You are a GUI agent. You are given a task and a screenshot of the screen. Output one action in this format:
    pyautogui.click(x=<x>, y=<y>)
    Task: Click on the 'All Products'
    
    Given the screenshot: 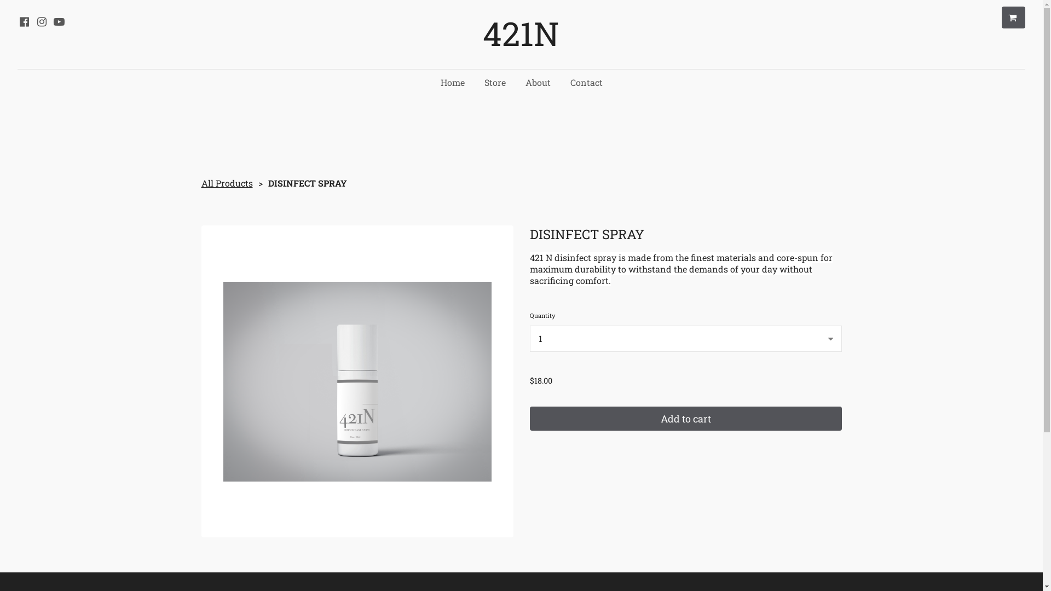 What is the action you would take?
    pyautogui.click(x=226, y=182)
    